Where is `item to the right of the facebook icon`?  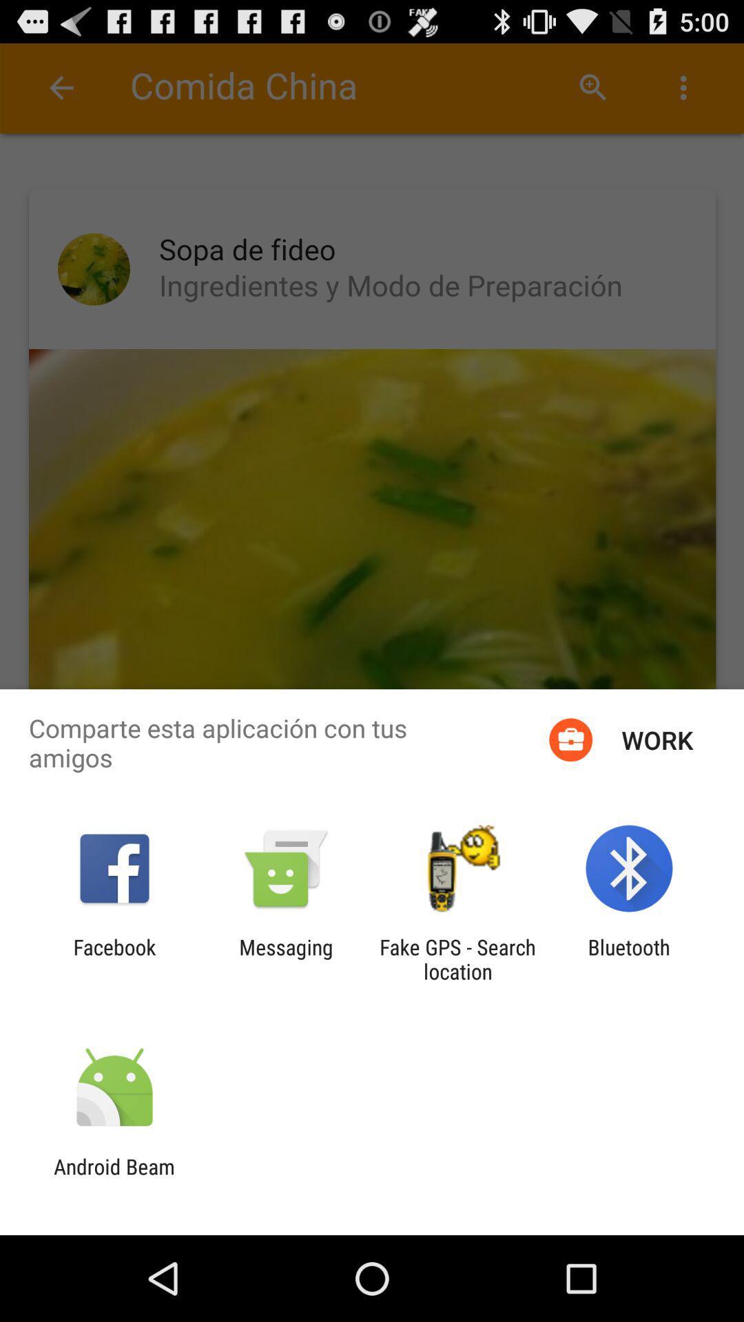
item to the right of the facebook icon is located at coordinates (285, 958).